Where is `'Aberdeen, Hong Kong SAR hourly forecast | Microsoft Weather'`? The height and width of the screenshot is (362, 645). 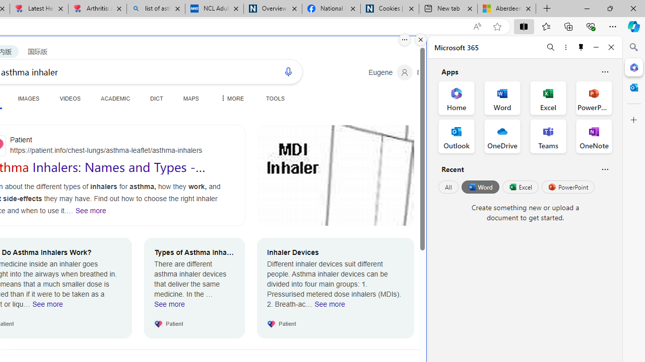
'Aberdeen, Hong Kong SAR hourly forecast | Microsoft Weather' is located at coordinates (507, 9).